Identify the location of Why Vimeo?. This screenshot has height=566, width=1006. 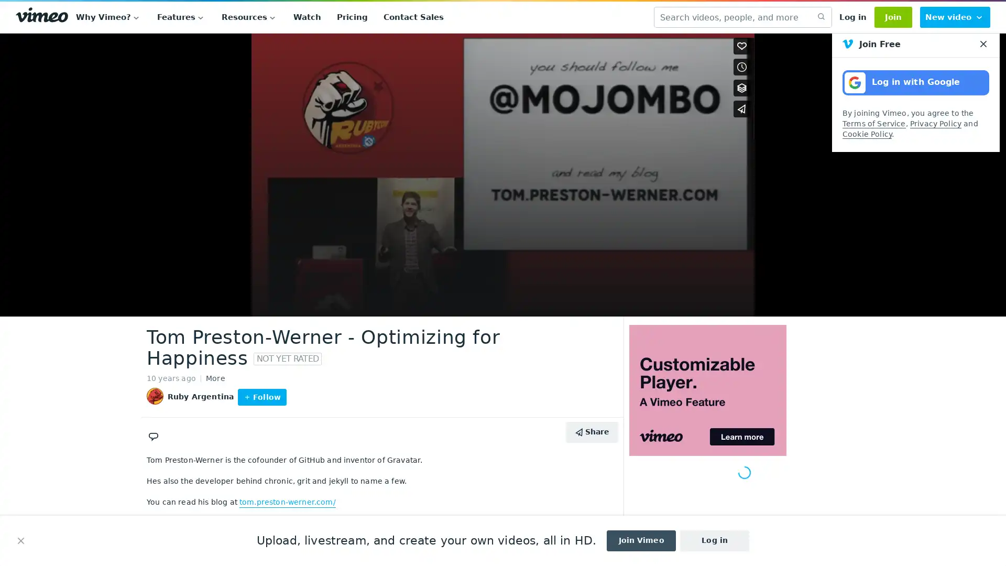
(108, 17).